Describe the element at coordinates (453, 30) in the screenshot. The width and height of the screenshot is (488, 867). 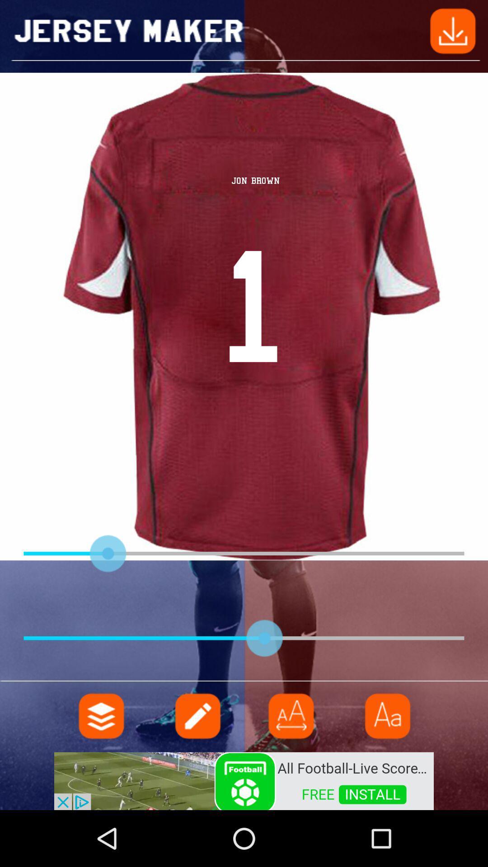
I see `go back` at that location.